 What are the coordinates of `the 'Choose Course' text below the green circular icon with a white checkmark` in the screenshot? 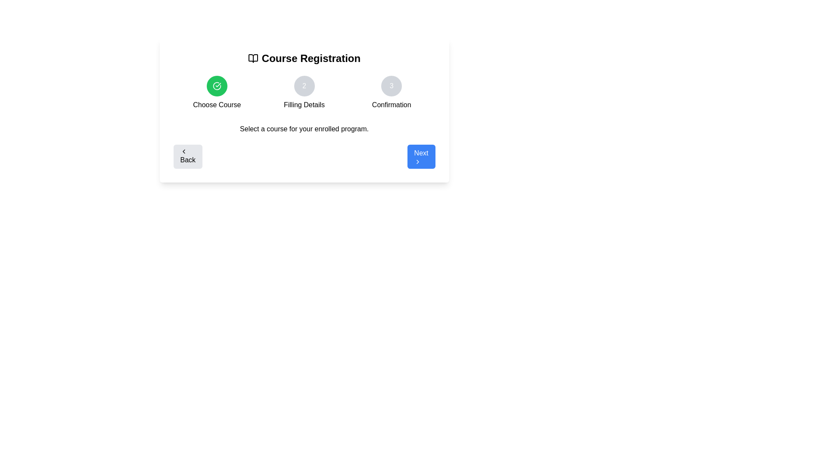 It's located at (217, 93).